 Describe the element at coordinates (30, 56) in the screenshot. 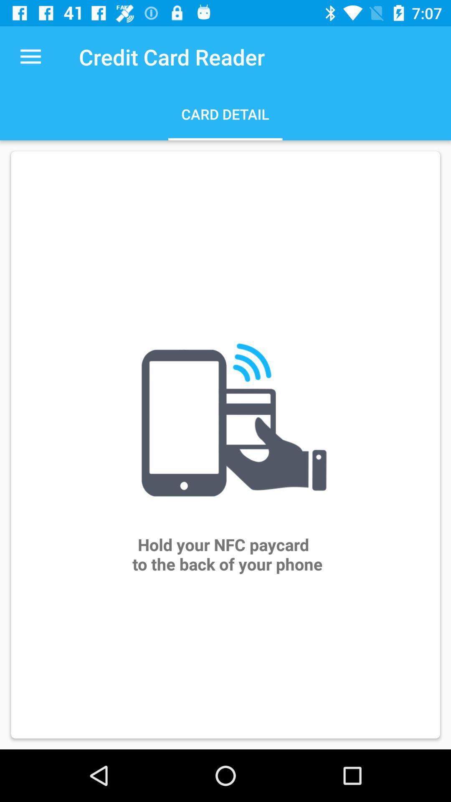

I see `icon to the left of credit card reader item` at that location.